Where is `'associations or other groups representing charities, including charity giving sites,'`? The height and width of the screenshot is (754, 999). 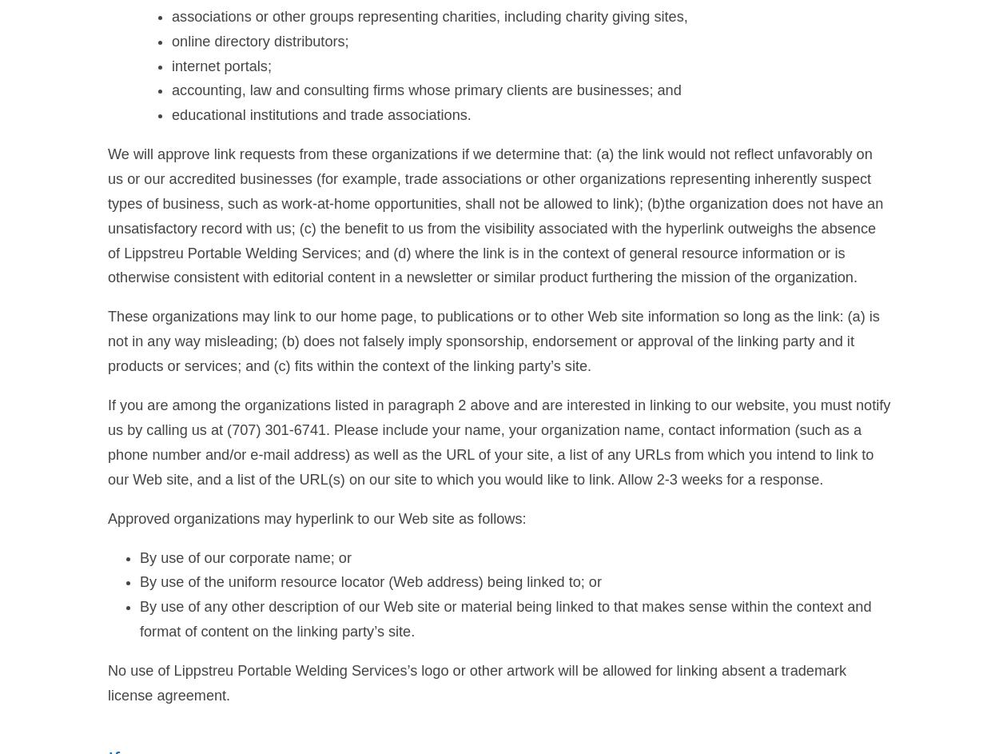 'associations or other groups representing charities, including charity giving sites,' is located at coordinates (429, 15).